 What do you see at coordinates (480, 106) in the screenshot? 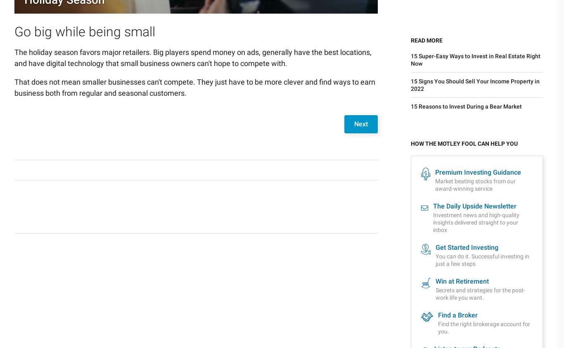
I see `'Secrets and strategies for the post-work life you want.'` at bounding box center [480, 106].